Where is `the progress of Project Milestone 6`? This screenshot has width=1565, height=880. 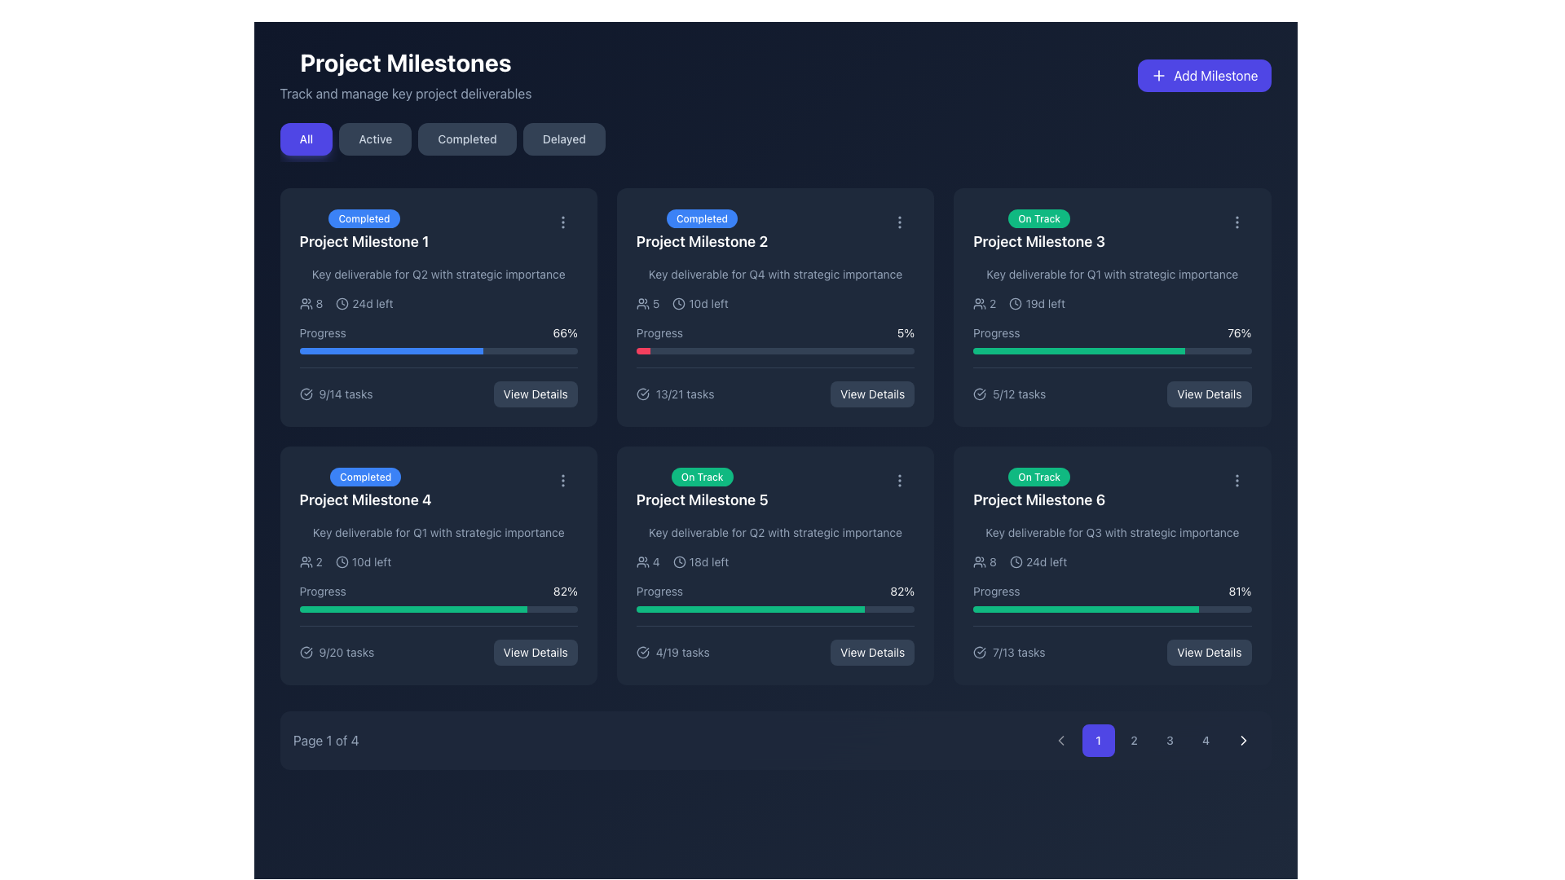 the progress of Project Milestone 6 is located at coordinates (1030, 609).